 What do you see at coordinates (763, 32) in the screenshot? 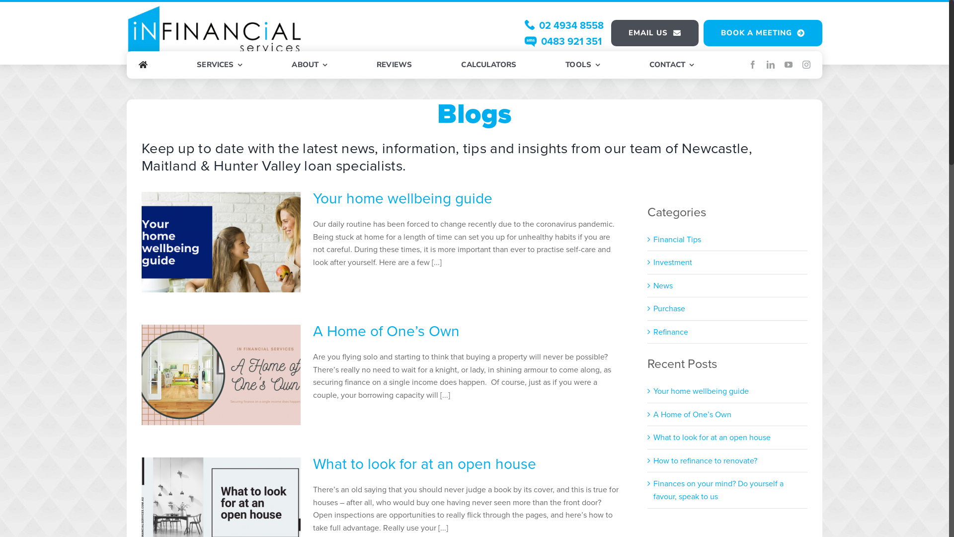
I see `'BOOK A MEETING'` at bounding box center [763, 32].